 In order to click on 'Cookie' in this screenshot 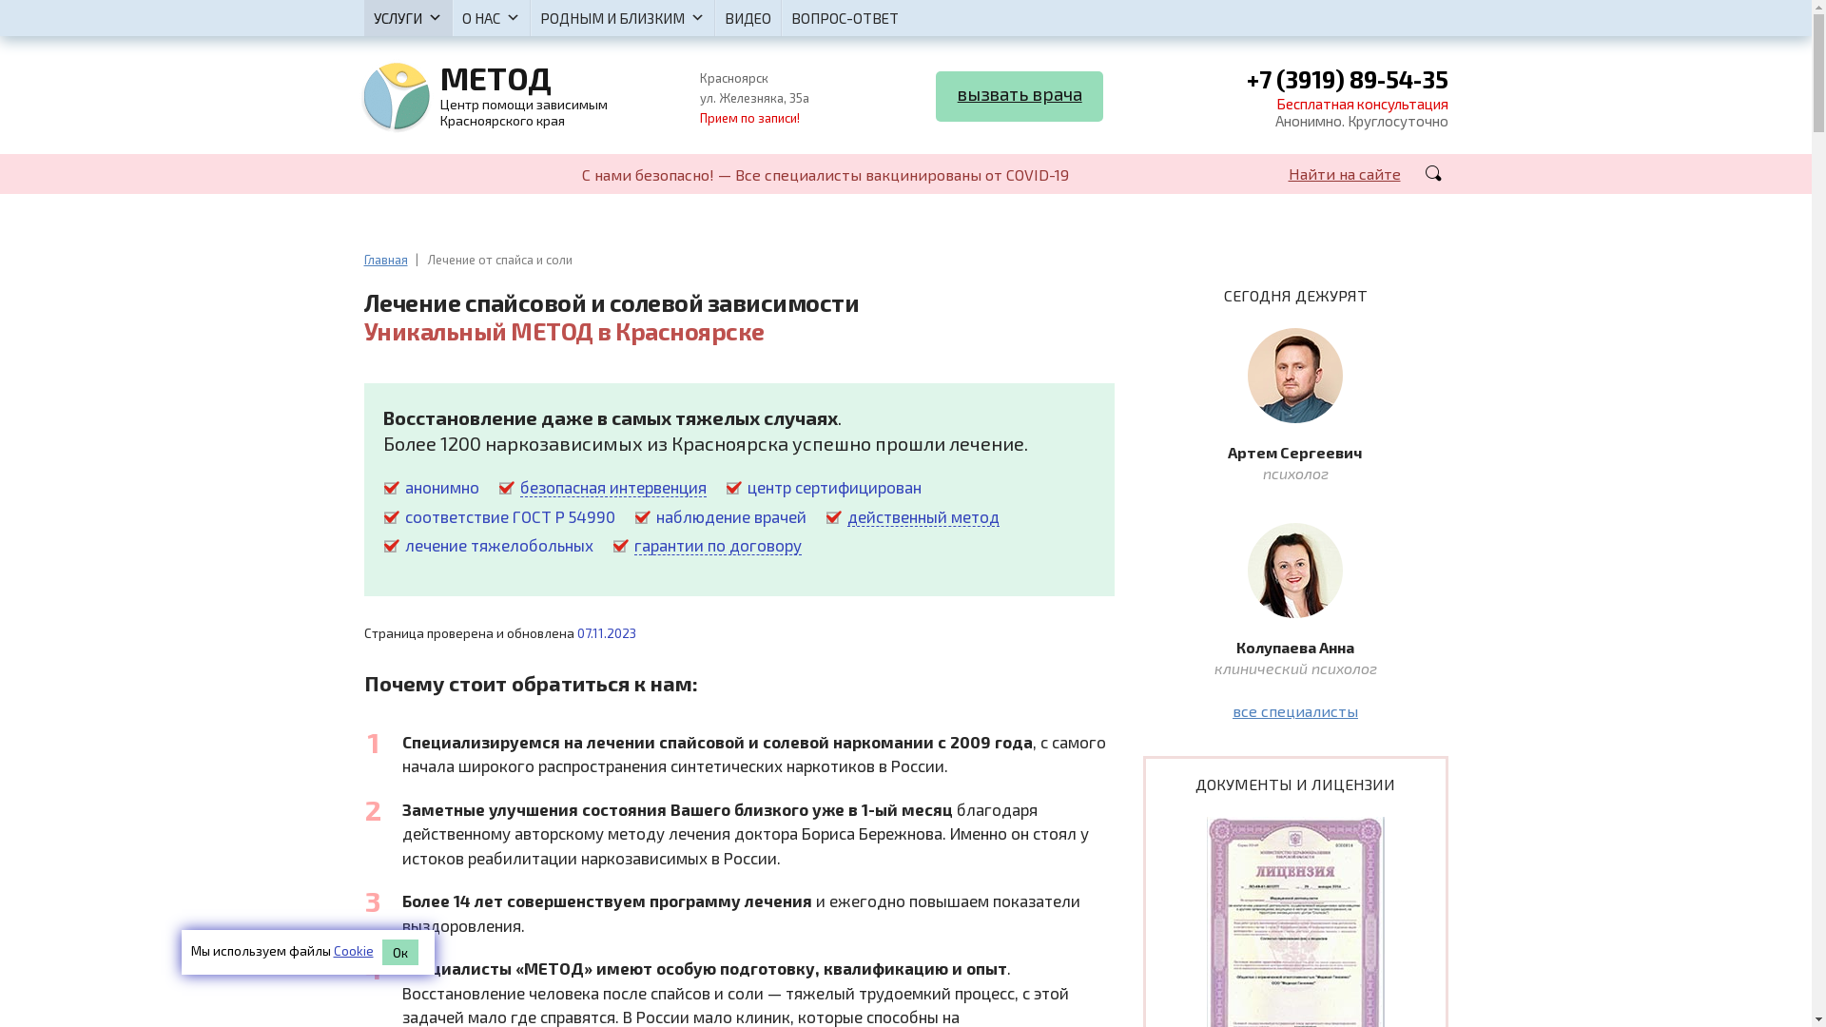, I will do `click(352, 950)`.